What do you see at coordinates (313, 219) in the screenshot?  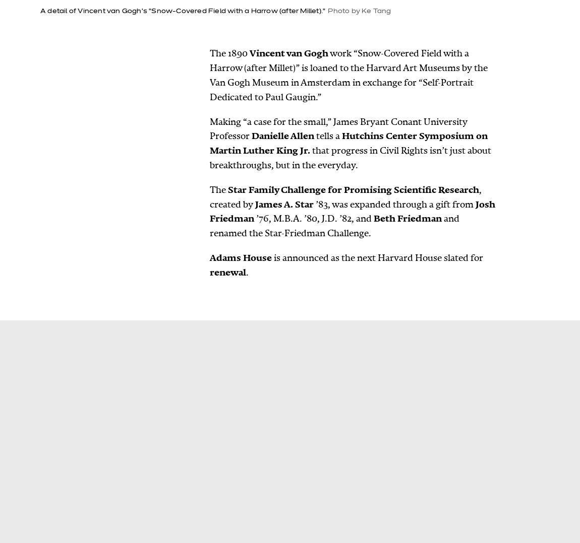 I see `'’76, M.B.A. ’80, J.D. ’82, and'` at bounding box center [313, 219].